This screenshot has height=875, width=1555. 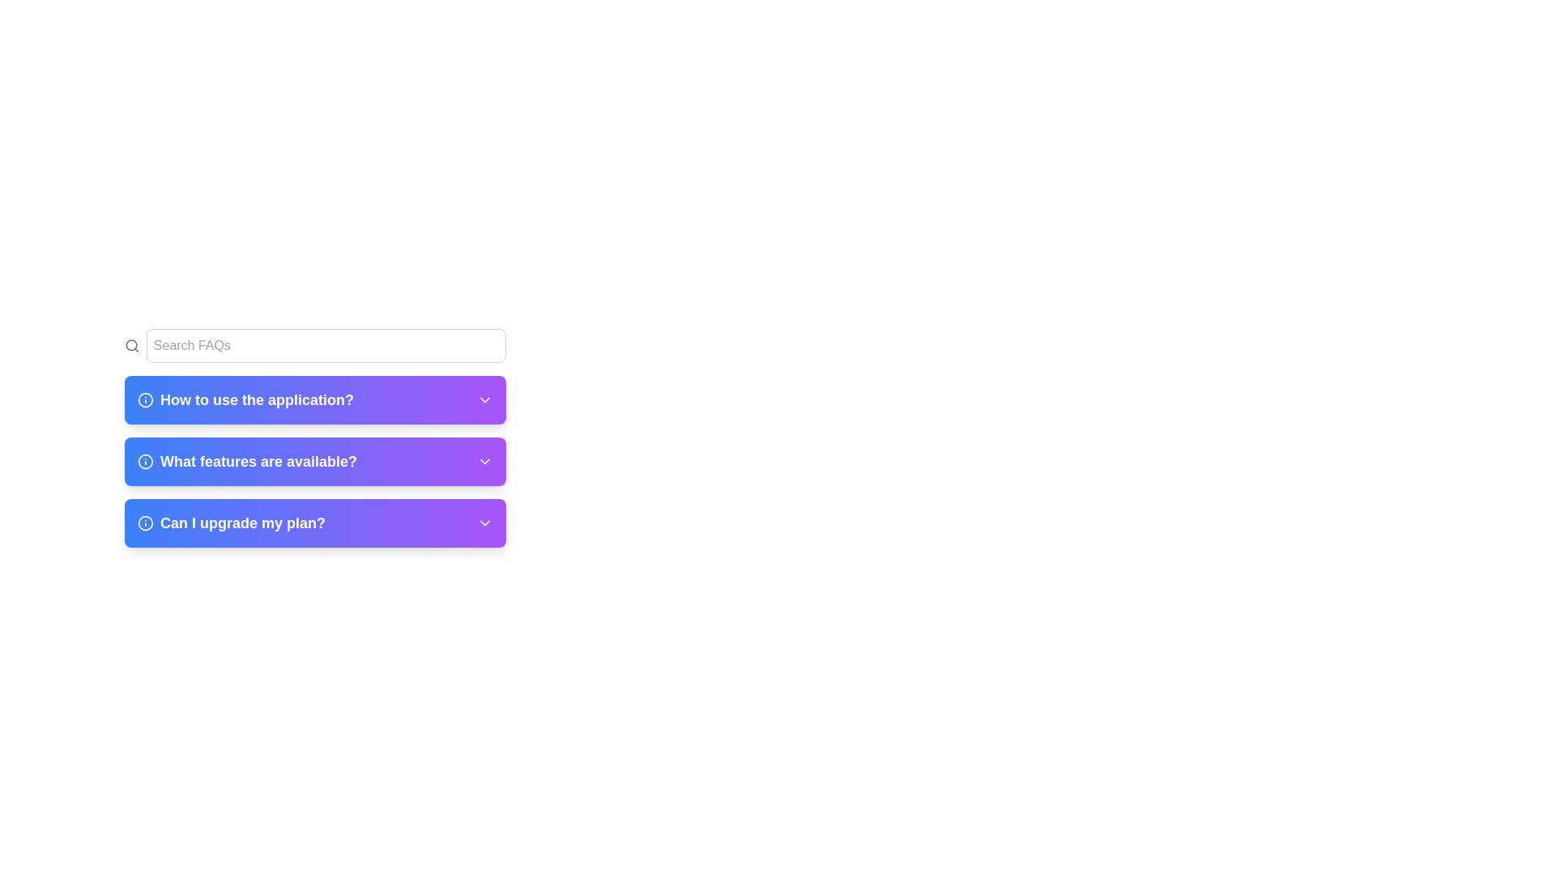 What do you see at coordinates (245, 399) in the screenshot?
I see `the text label reading 'How to use the application?'` at bounding box center [245, 399].